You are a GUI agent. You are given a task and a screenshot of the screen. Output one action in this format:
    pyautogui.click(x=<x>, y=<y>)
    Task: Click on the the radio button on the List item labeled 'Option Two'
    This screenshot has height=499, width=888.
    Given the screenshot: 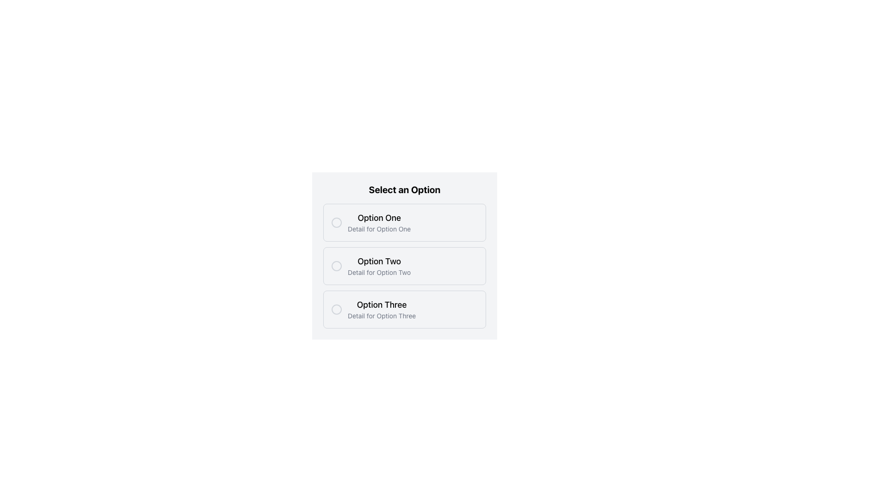 What is the action you would take?
    pyautogui.click(x=404, y=266)
    